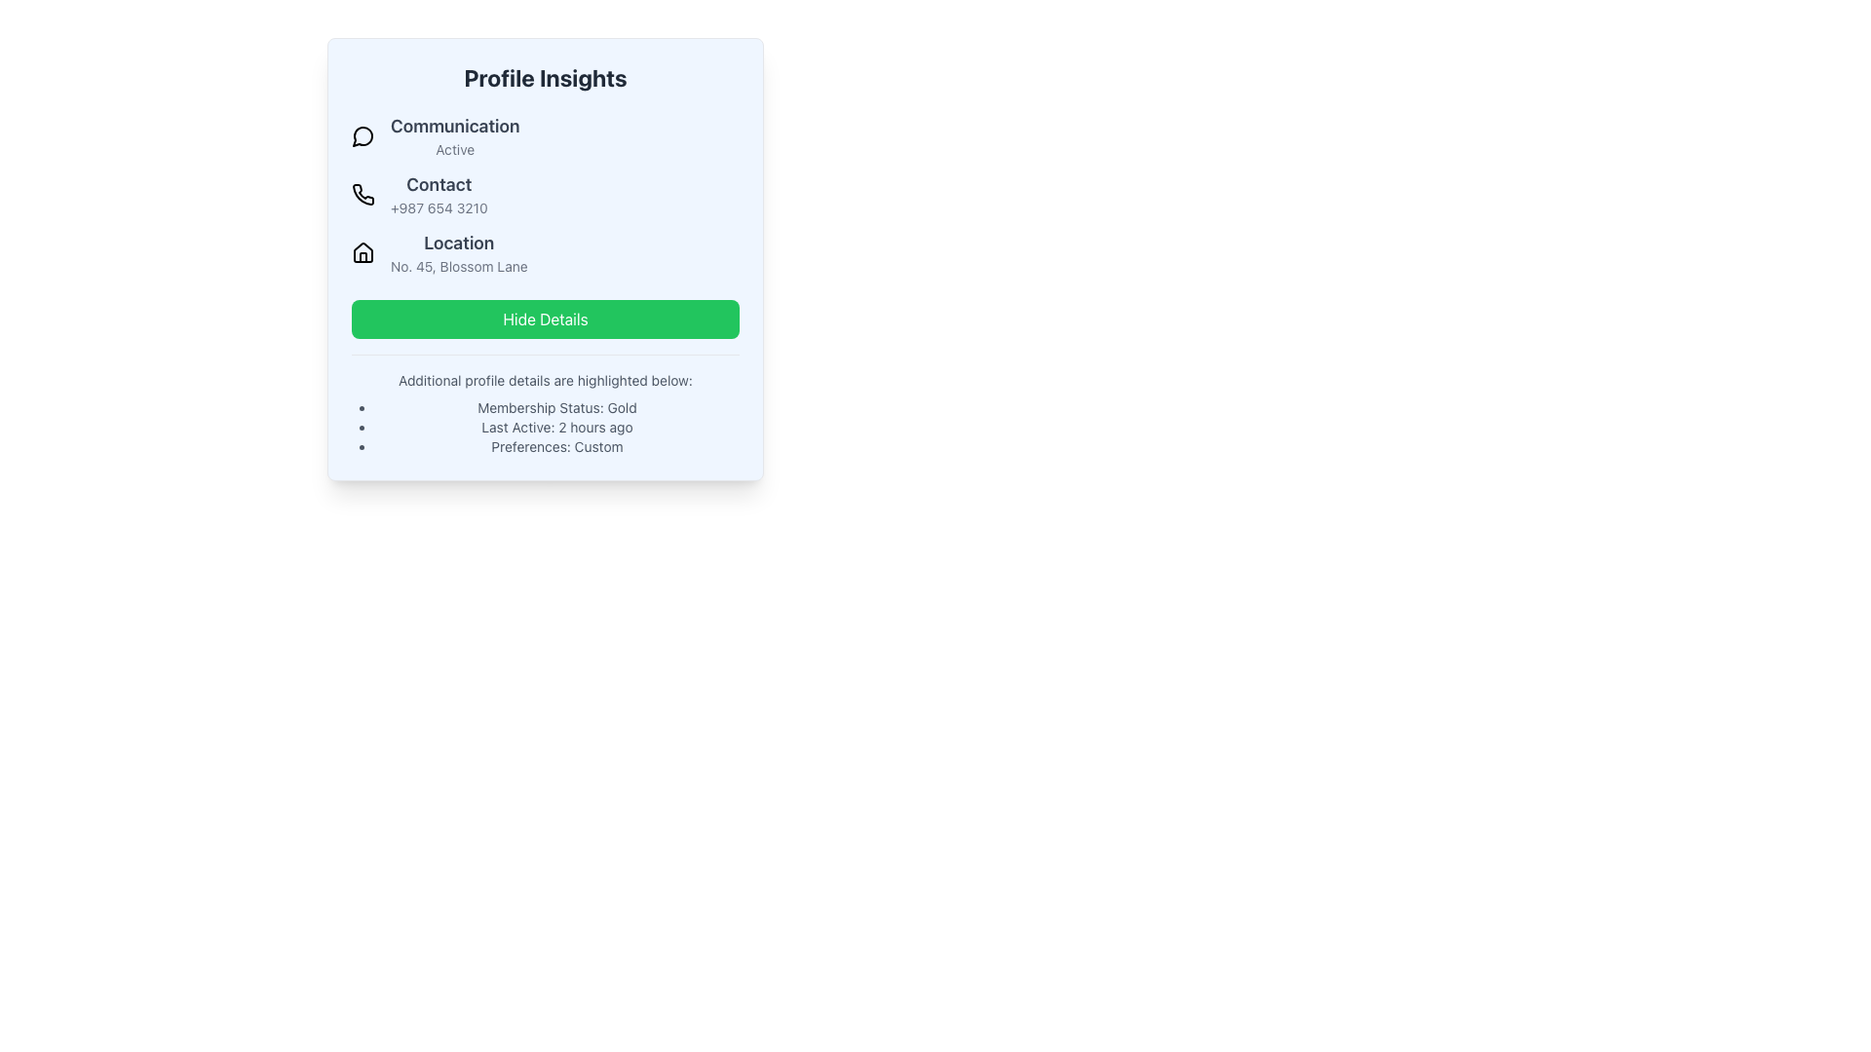 The image size is (1871, 1052). What do you see at coordinates (546, 427) in the screenshot?
I see `the bulleted list component that displays 'Membership Status: Gold', 'Last Active: 2 hours ago', and 'Preferences: Custom' within the 'Additional profile details are highlighted below' section of the 'Profile Insights' box` at bounding box center [546, 427].